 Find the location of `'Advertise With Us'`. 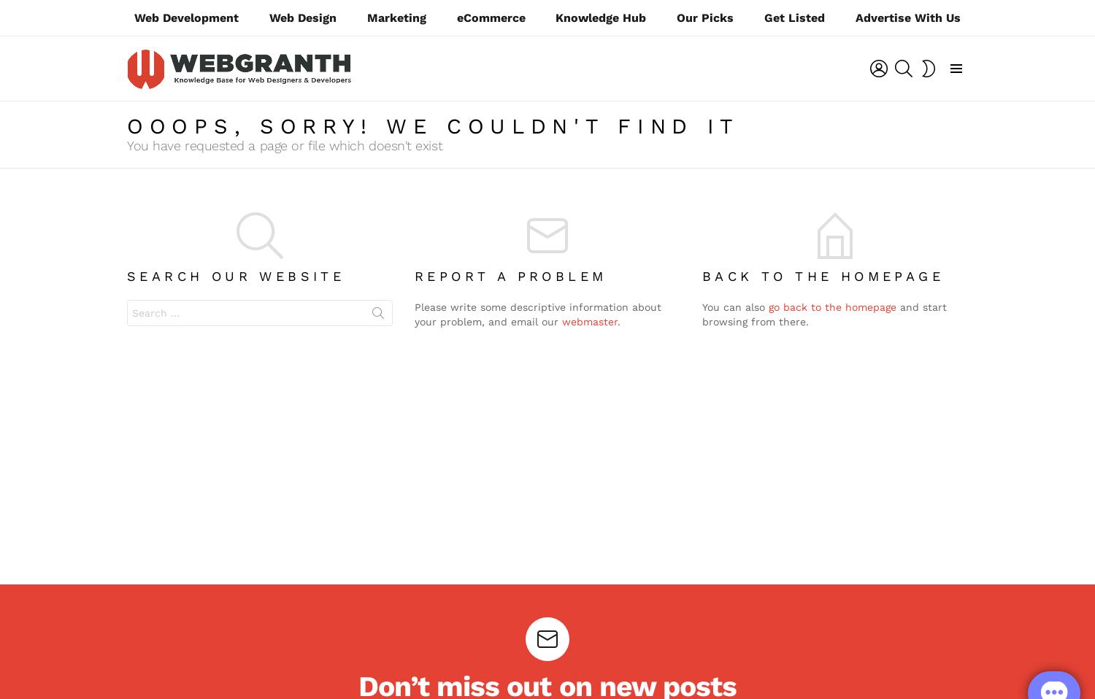

'Advertise With Us' is located at coordinates (855, 17).